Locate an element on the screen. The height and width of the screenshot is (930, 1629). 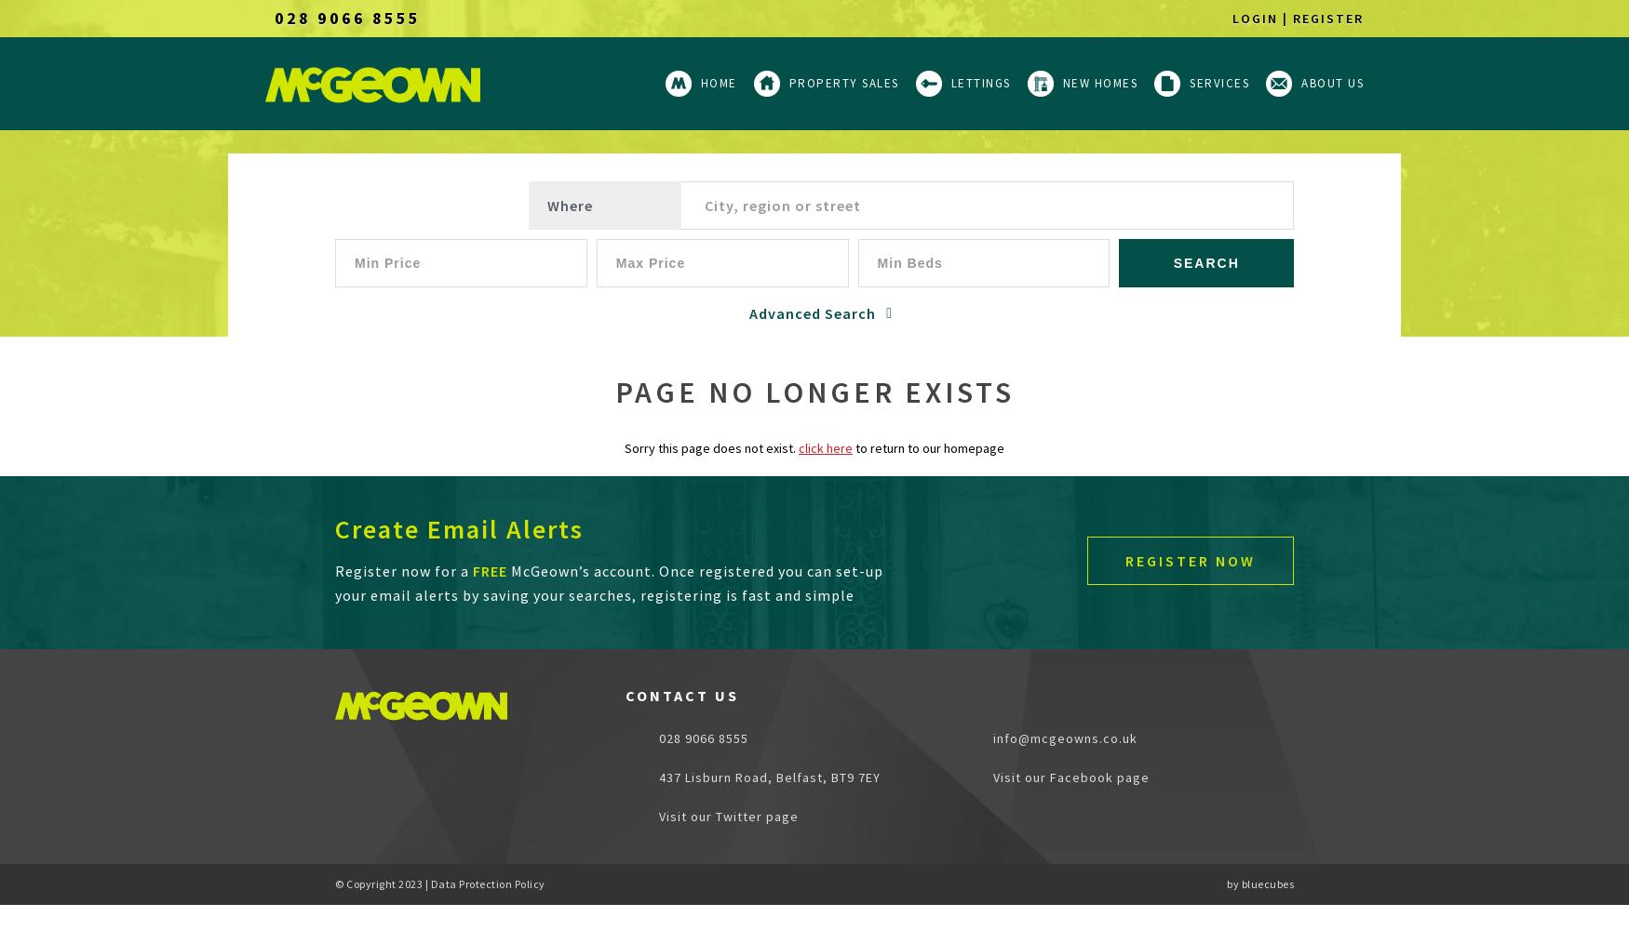
'Page No Longer Exists' is located at coordinates (613, 392).